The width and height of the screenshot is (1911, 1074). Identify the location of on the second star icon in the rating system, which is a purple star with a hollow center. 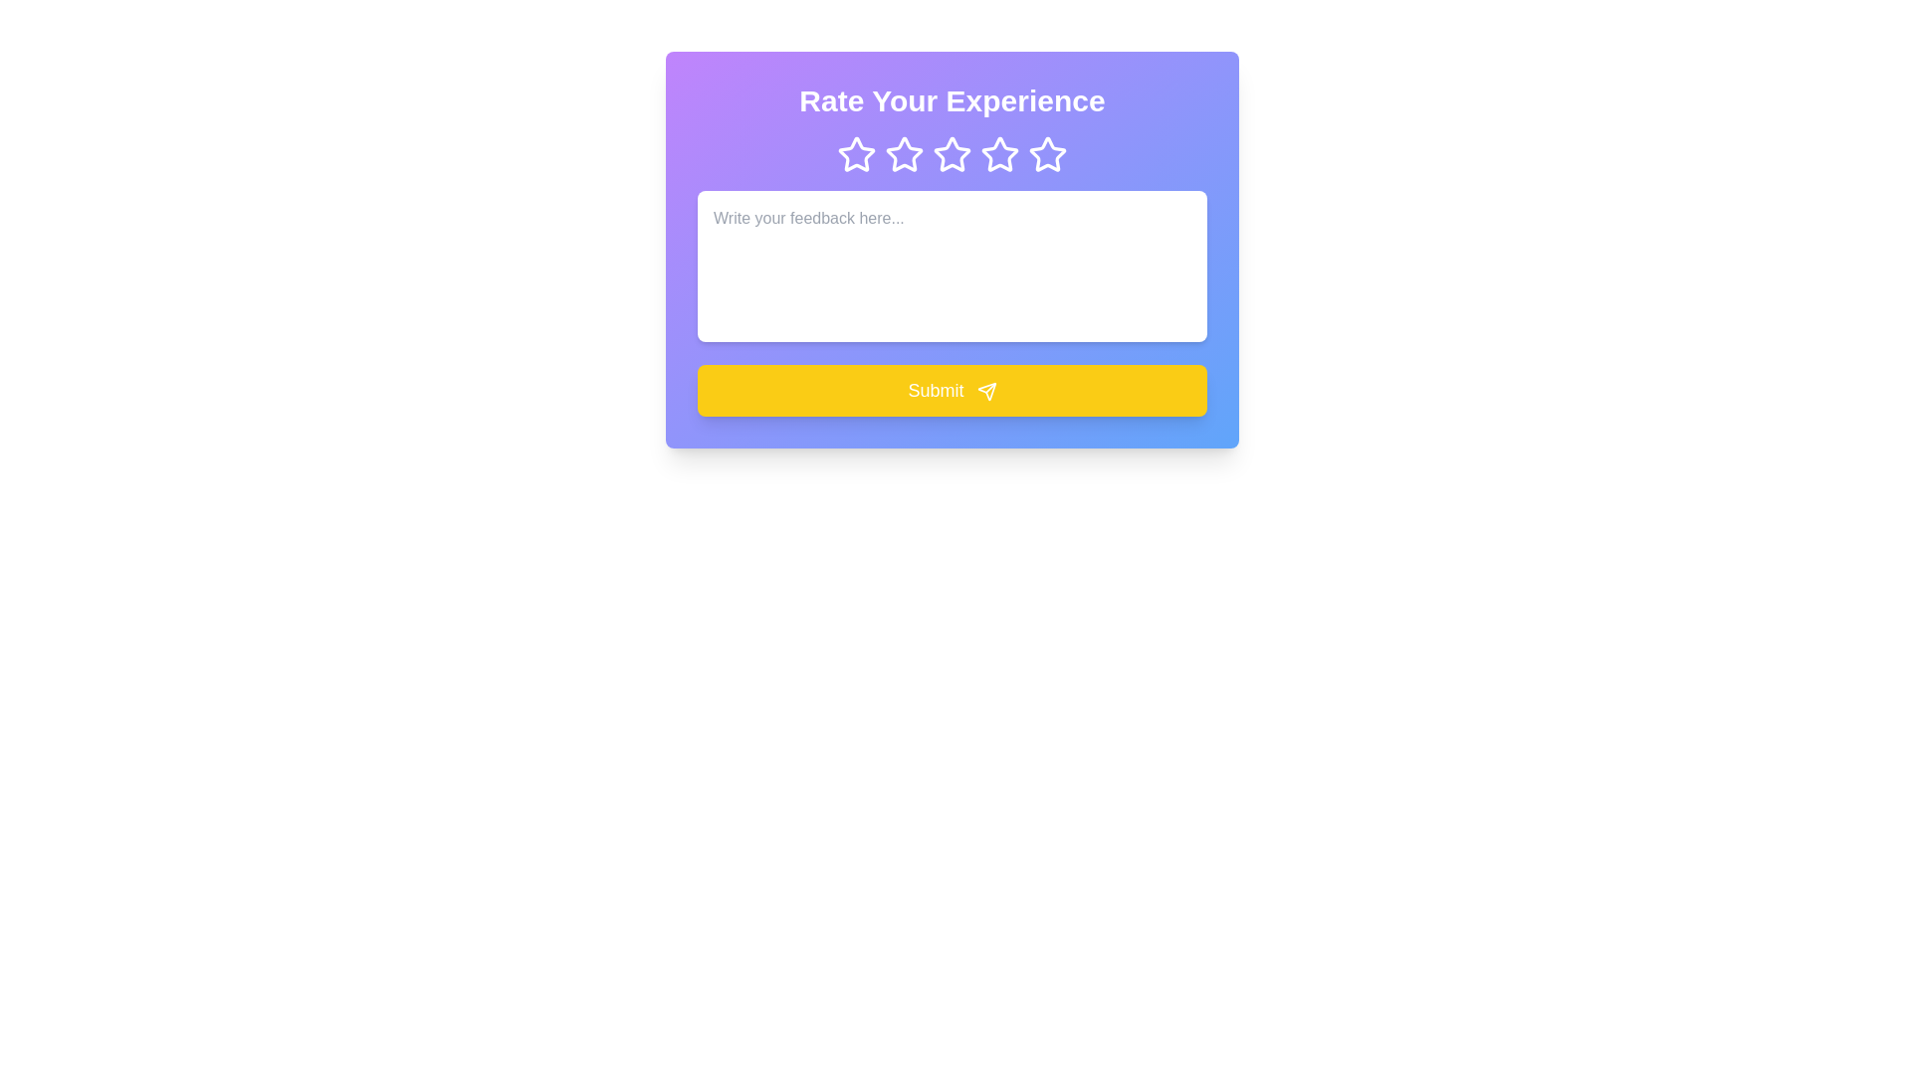
(902, 152).